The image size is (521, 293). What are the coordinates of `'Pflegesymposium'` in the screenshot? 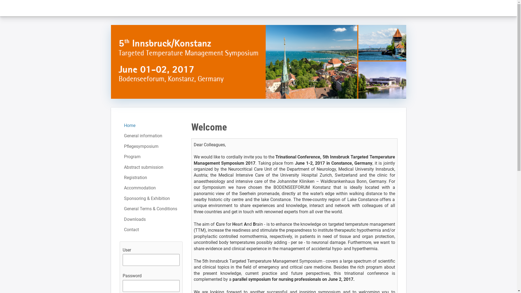 It's located at (119, 146).